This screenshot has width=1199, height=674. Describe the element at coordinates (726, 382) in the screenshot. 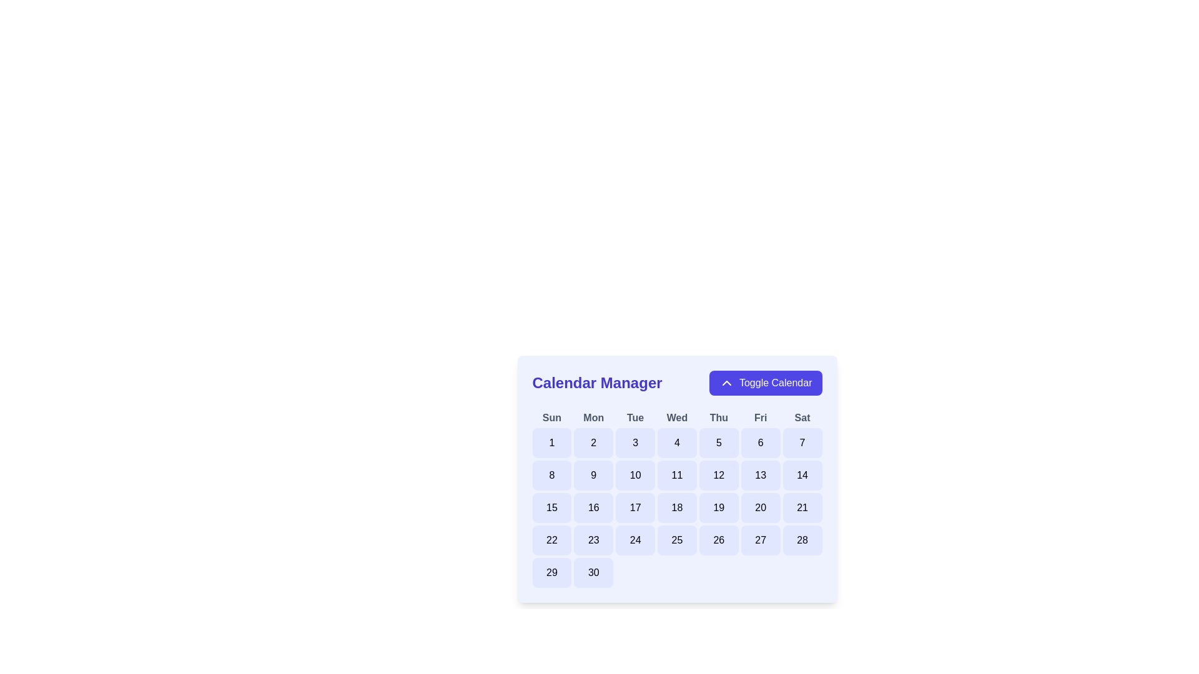

I see `the icon indicating the current state of the 'Toggle Calendar' button, located in the top-right corner of the calendar component adjacent to the 'Calendar Manager' text` at that location.